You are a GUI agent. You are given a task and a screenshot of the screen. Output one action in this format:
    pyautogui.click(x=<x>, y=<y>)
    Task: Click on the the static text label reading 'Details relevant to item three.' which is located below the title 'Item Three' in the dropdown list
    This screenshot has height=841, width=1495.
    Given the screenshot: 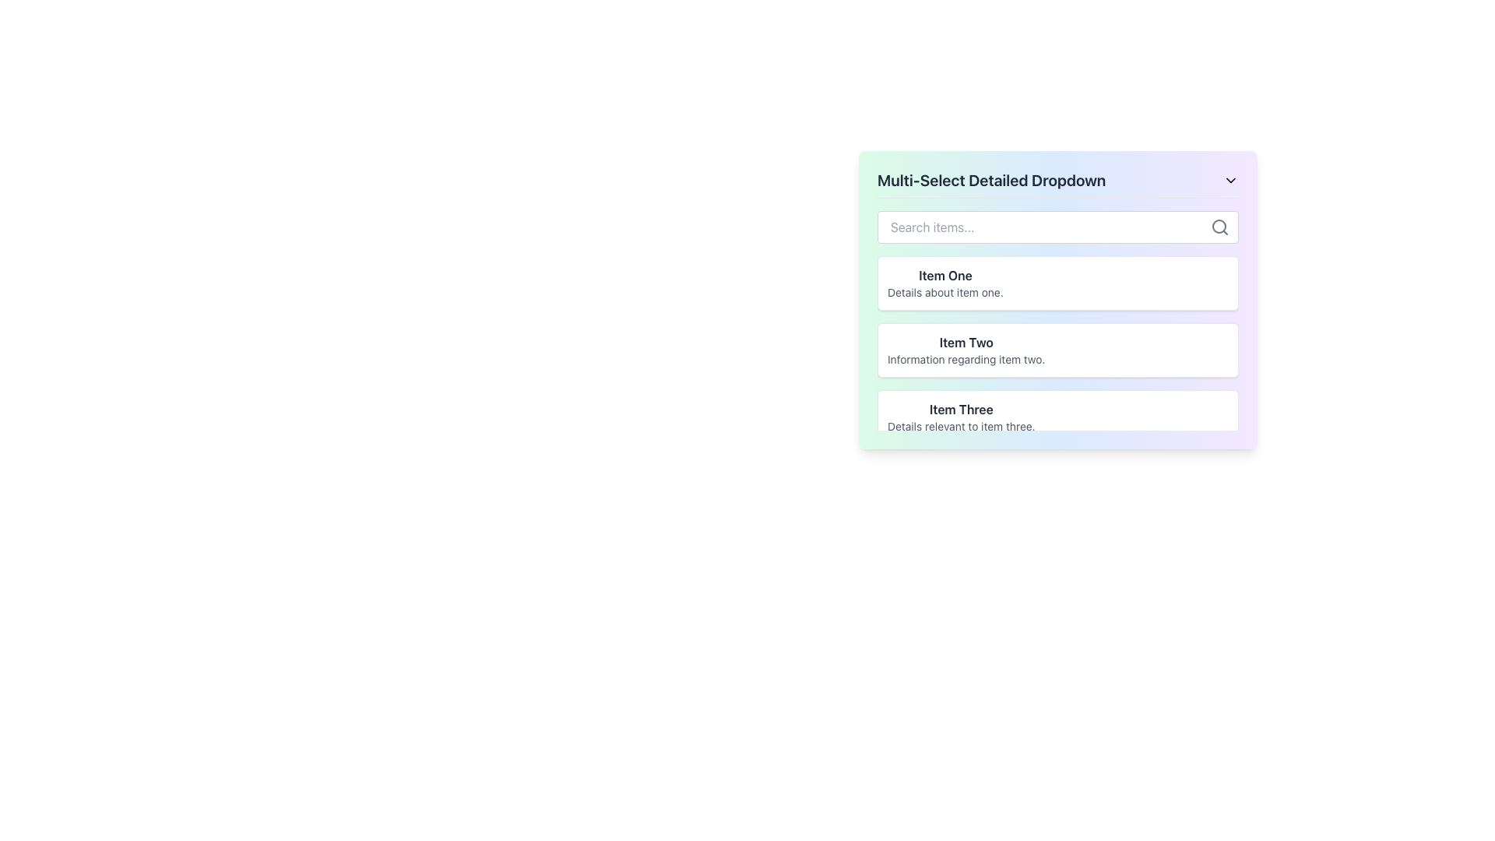 What is the action you would take?
    pyautogui.click(x=960, y=426)
    